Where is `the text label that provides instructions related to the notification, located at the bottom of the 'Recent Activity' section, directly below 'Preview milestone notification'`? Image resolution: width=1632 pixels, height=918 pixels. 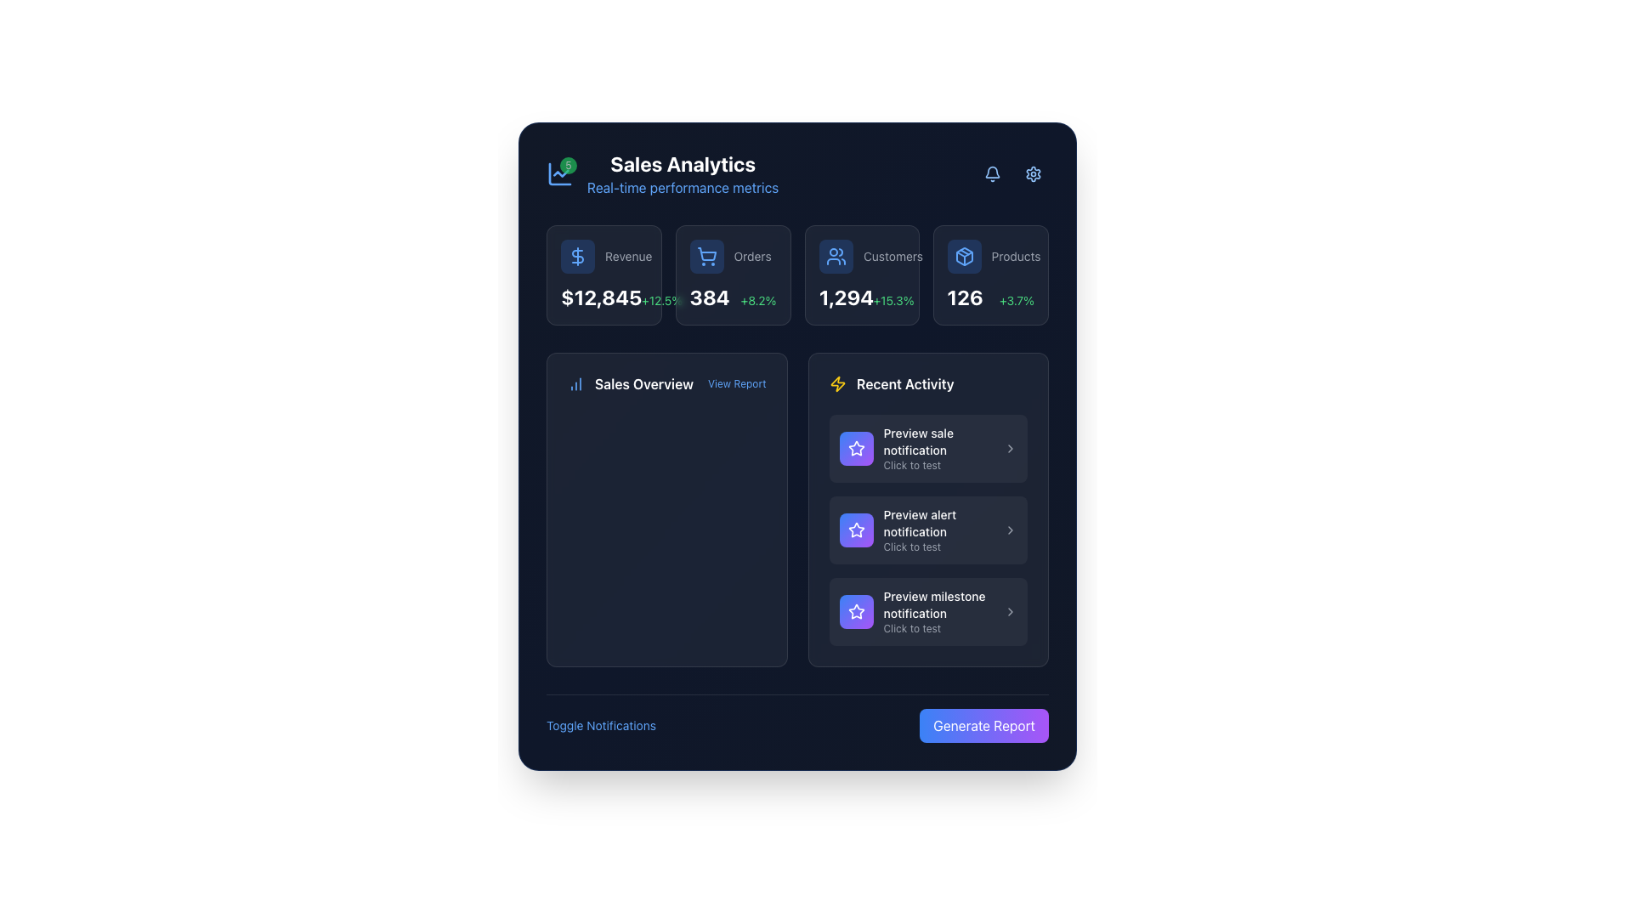
the text label that provides instructions related to the notification, located at the bottom of the 'Recent Activity' section, directly below 'Preview milestone notification' is located at coordinates (938, 629).